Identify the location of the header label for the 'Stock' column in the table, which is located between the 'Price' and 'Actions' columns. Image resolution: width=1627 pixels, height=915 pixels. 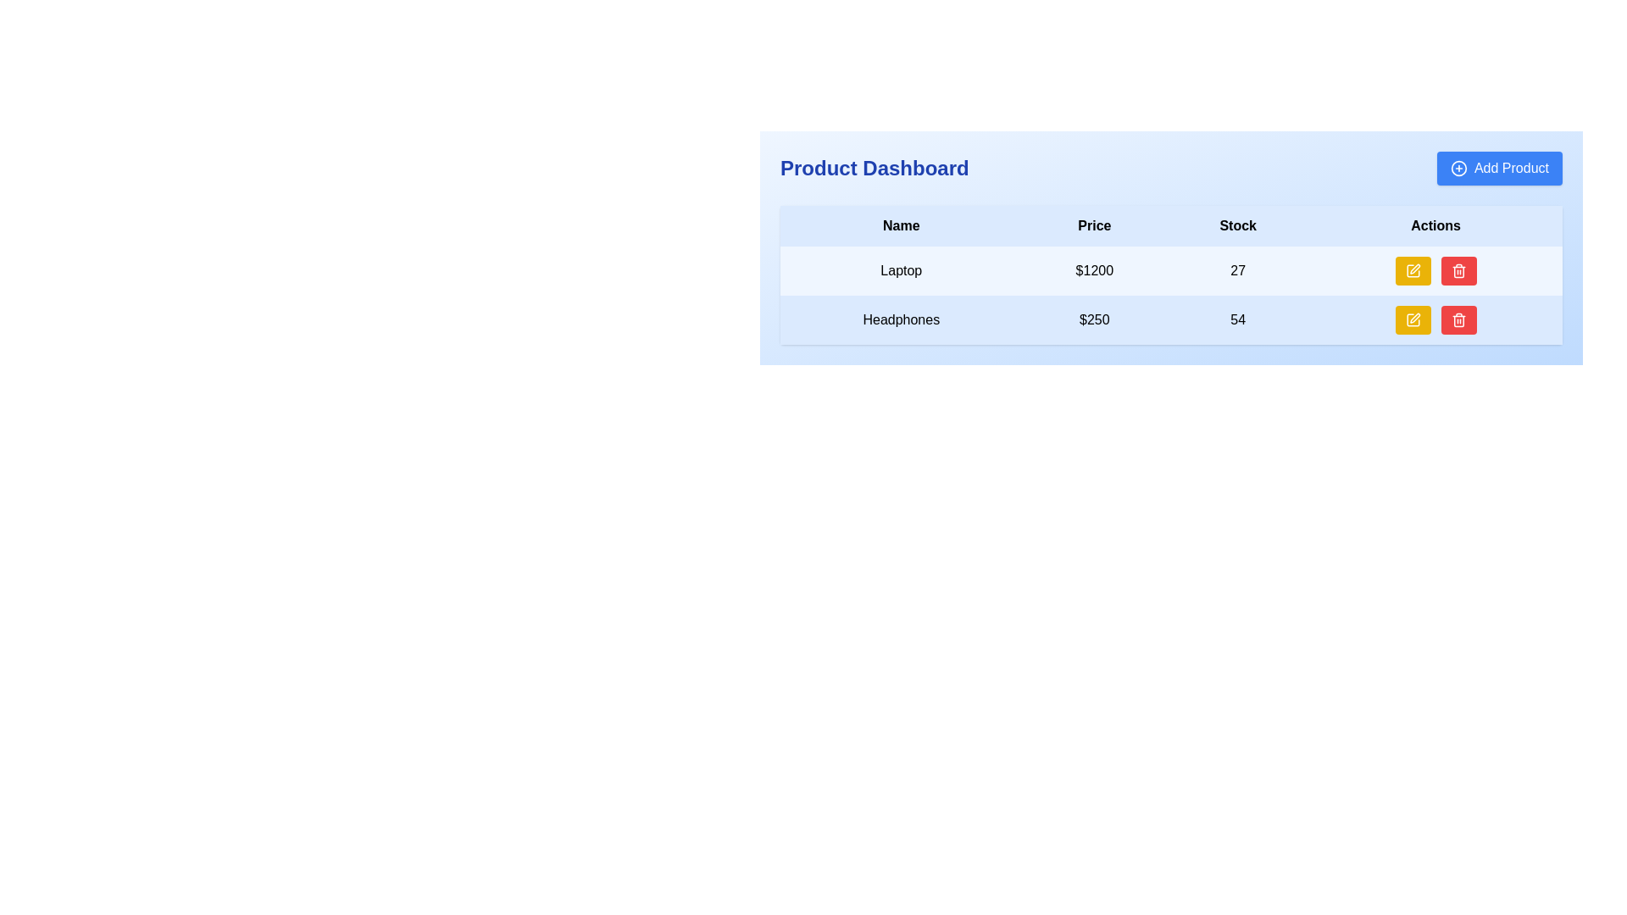
(1238, 225).